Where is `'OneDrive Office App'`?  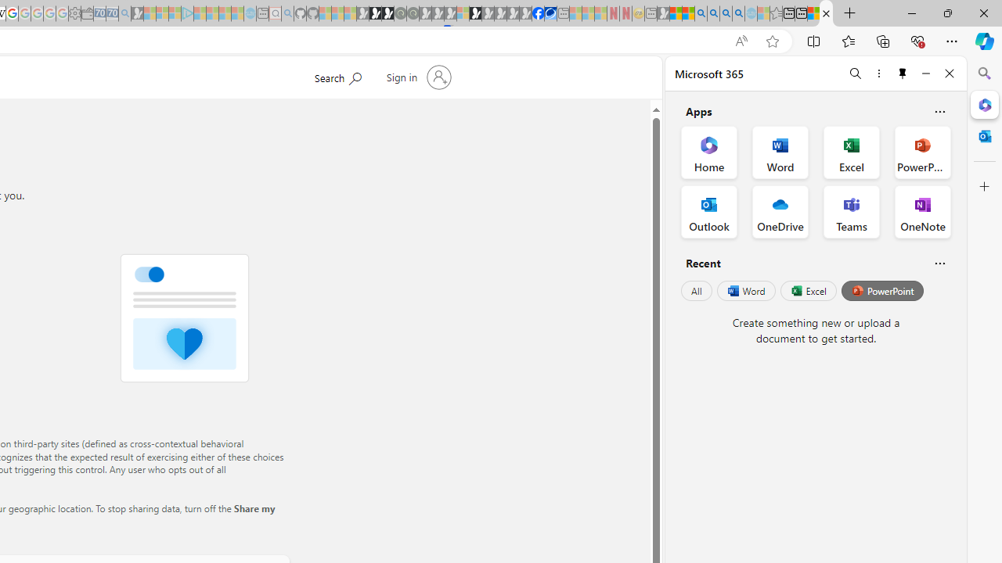
'OneDrive Office App' is located at coordinates (780, 212).